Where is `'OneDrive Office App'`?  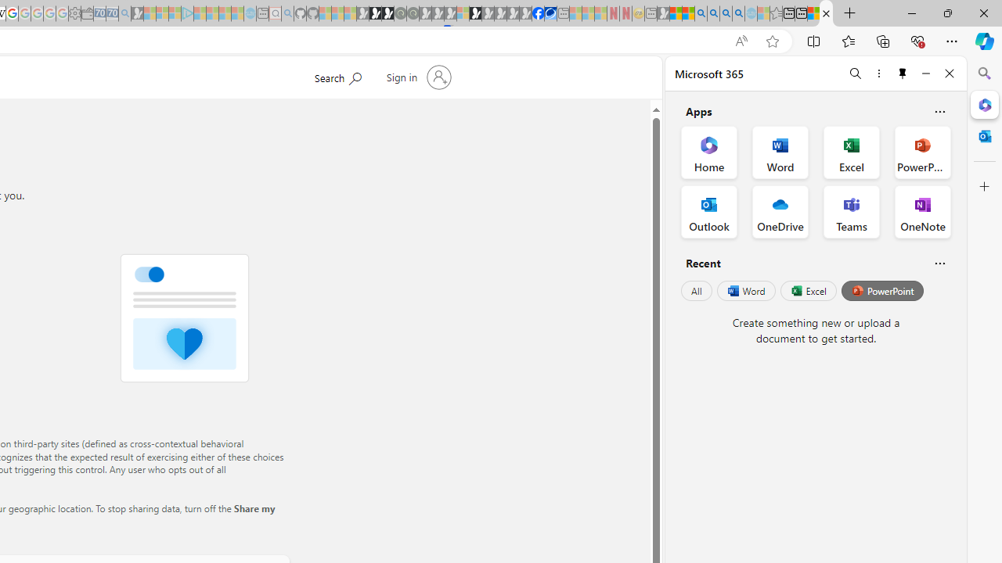
'OneDrive Office App' is located at coordinates (780, 212).